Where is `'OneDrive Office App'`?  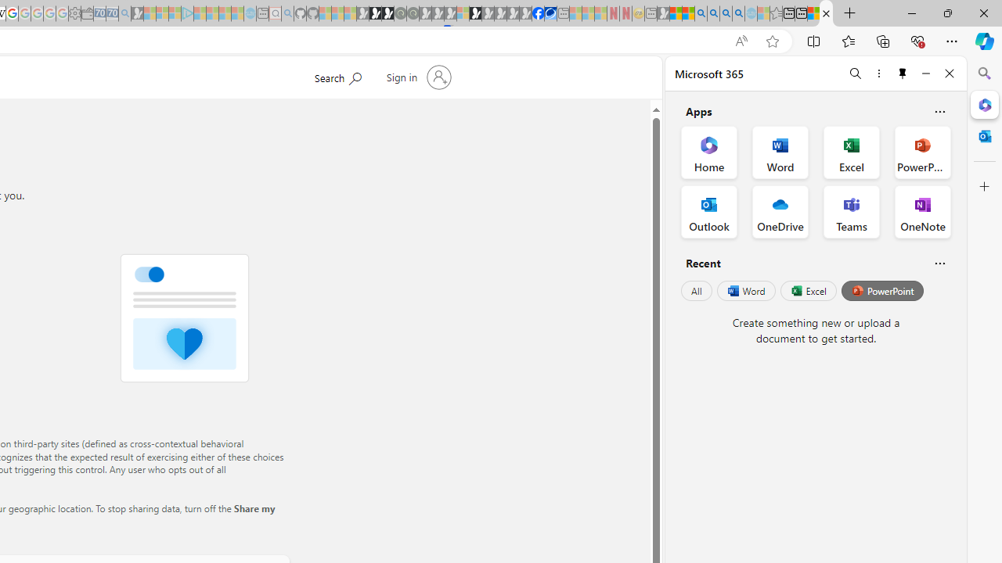
'OneDrive Office App' is located at coordinates (780, 212).